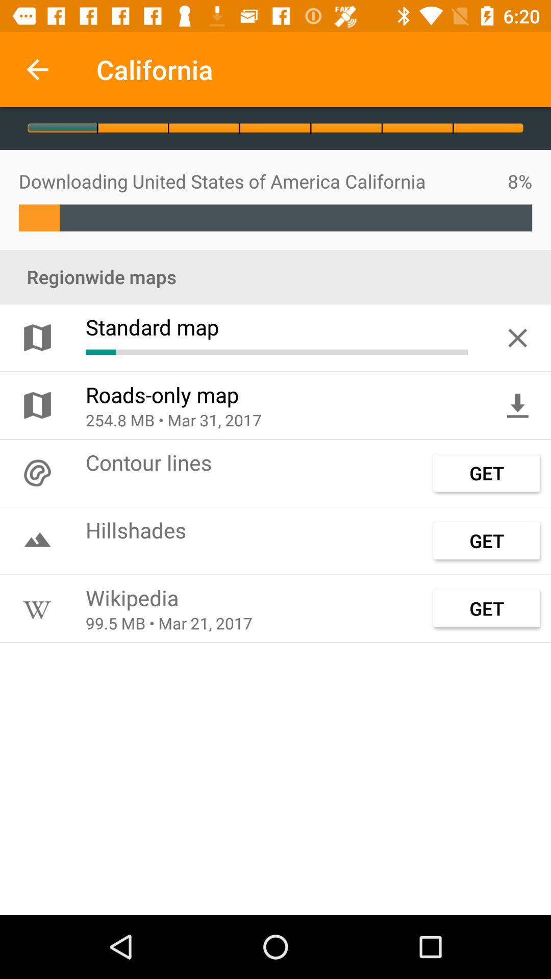  What do you see at coordinates (37, 472) in the screenshot?
I see `the icon which is before contour lines on page` at bounding box center [37, 472].